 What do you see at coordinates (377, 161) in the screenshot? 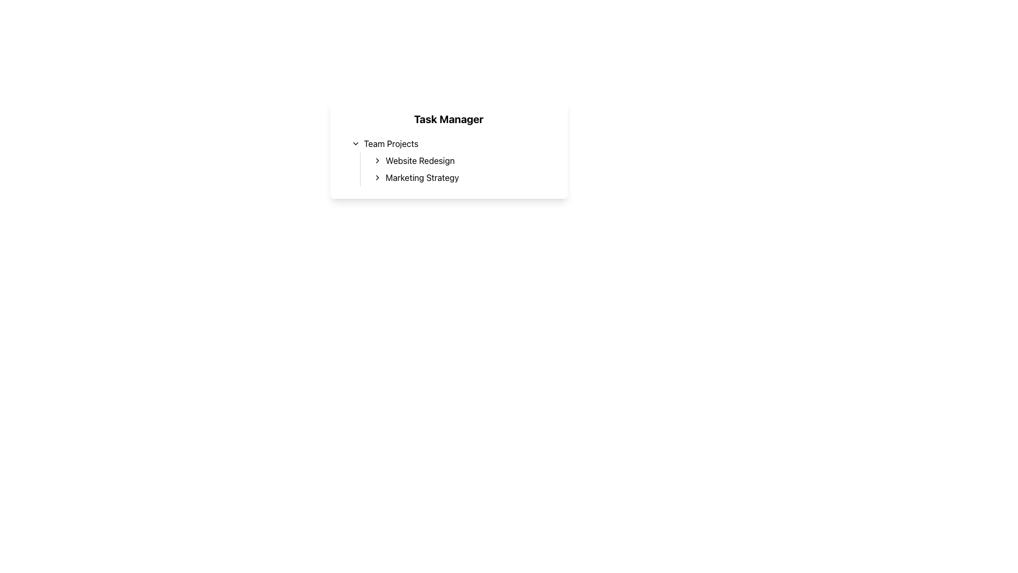
I see `the Chevron icon located to the left of the 'Website Redesign' text` at bounding box center [377, 161].